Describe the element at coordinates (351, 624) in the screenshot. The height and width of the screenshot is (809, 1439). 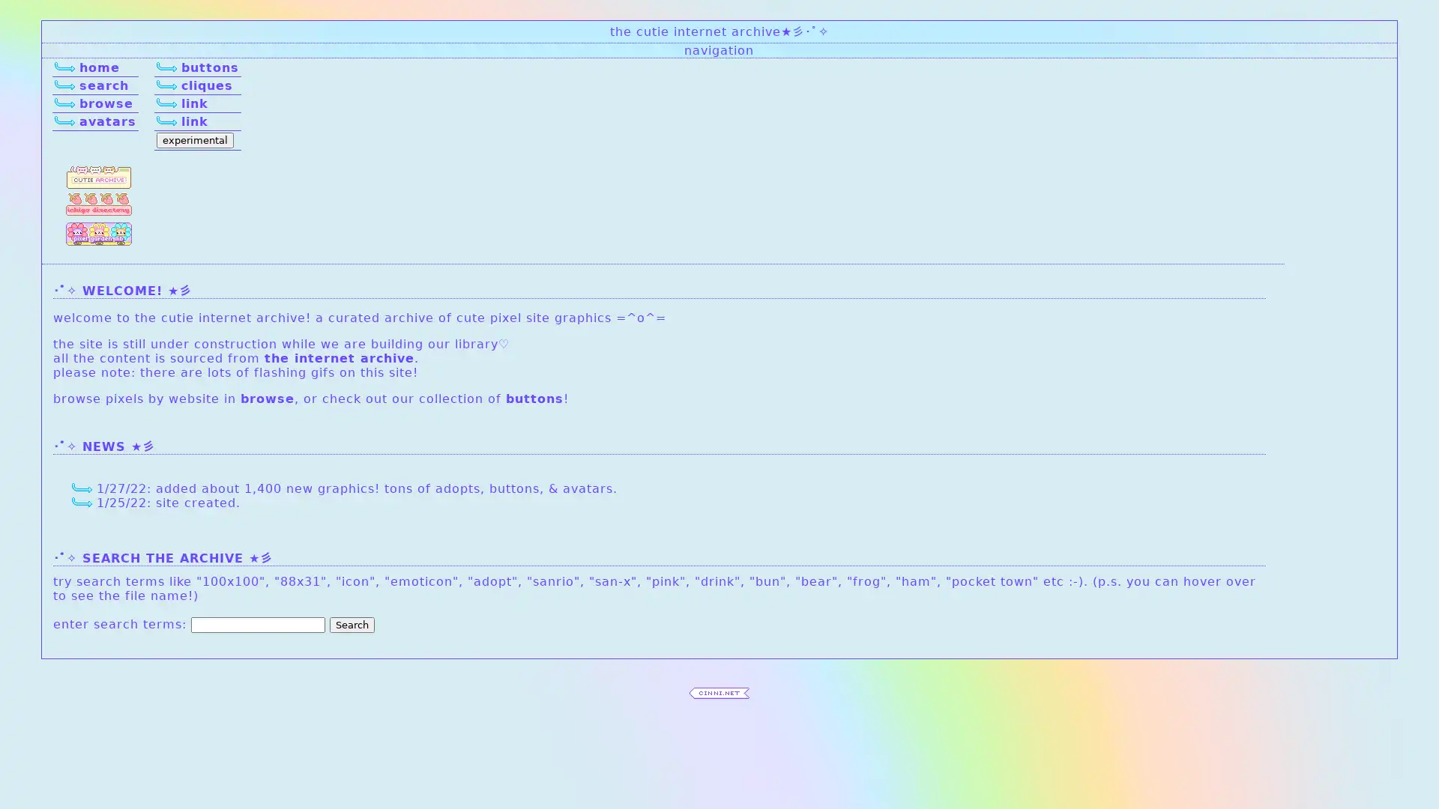
I see `Search` at that location.